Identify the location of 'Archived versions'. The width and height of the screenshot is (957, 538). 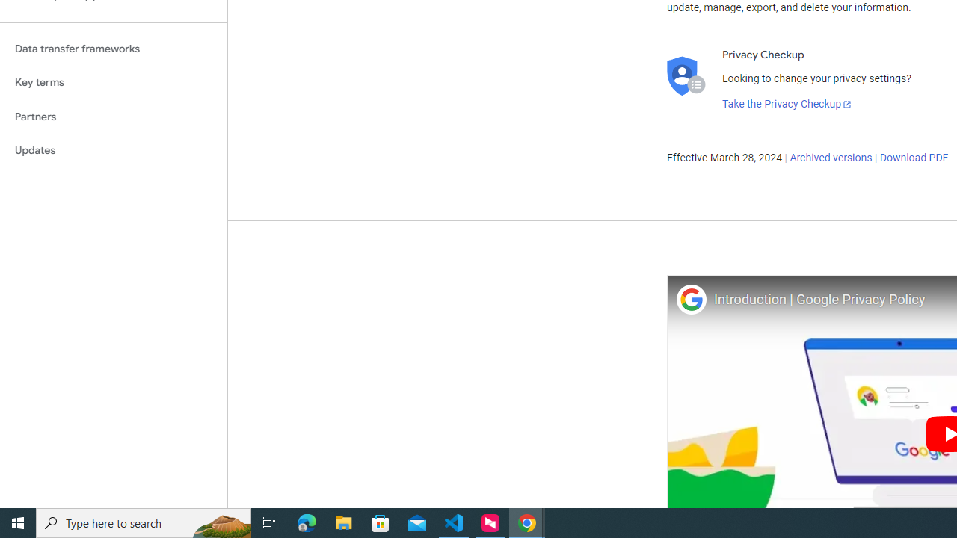
(830, 158).